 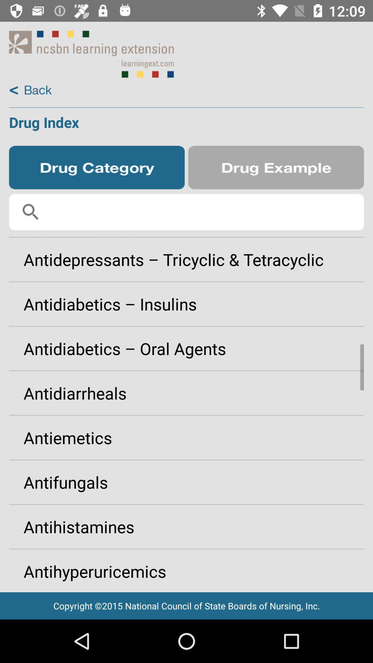 What do you see at coordinates (186, 393) in the screenshot?
I see `antidiarrheals app` at bounding box center [186, 393].